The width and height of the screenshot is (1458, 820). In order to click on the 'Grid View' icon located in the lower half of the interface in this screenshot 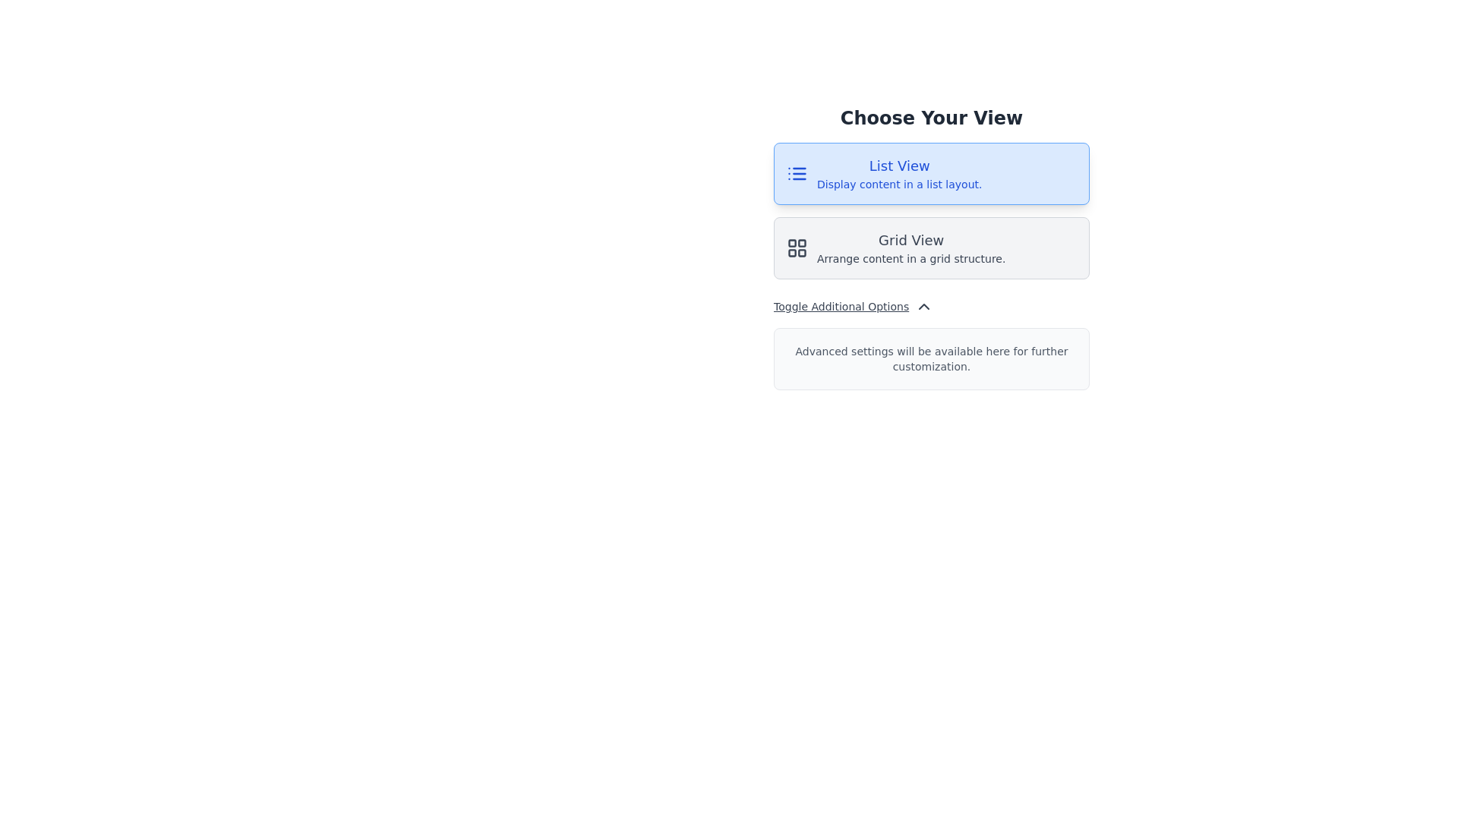, I will do `click(797, 248)`.